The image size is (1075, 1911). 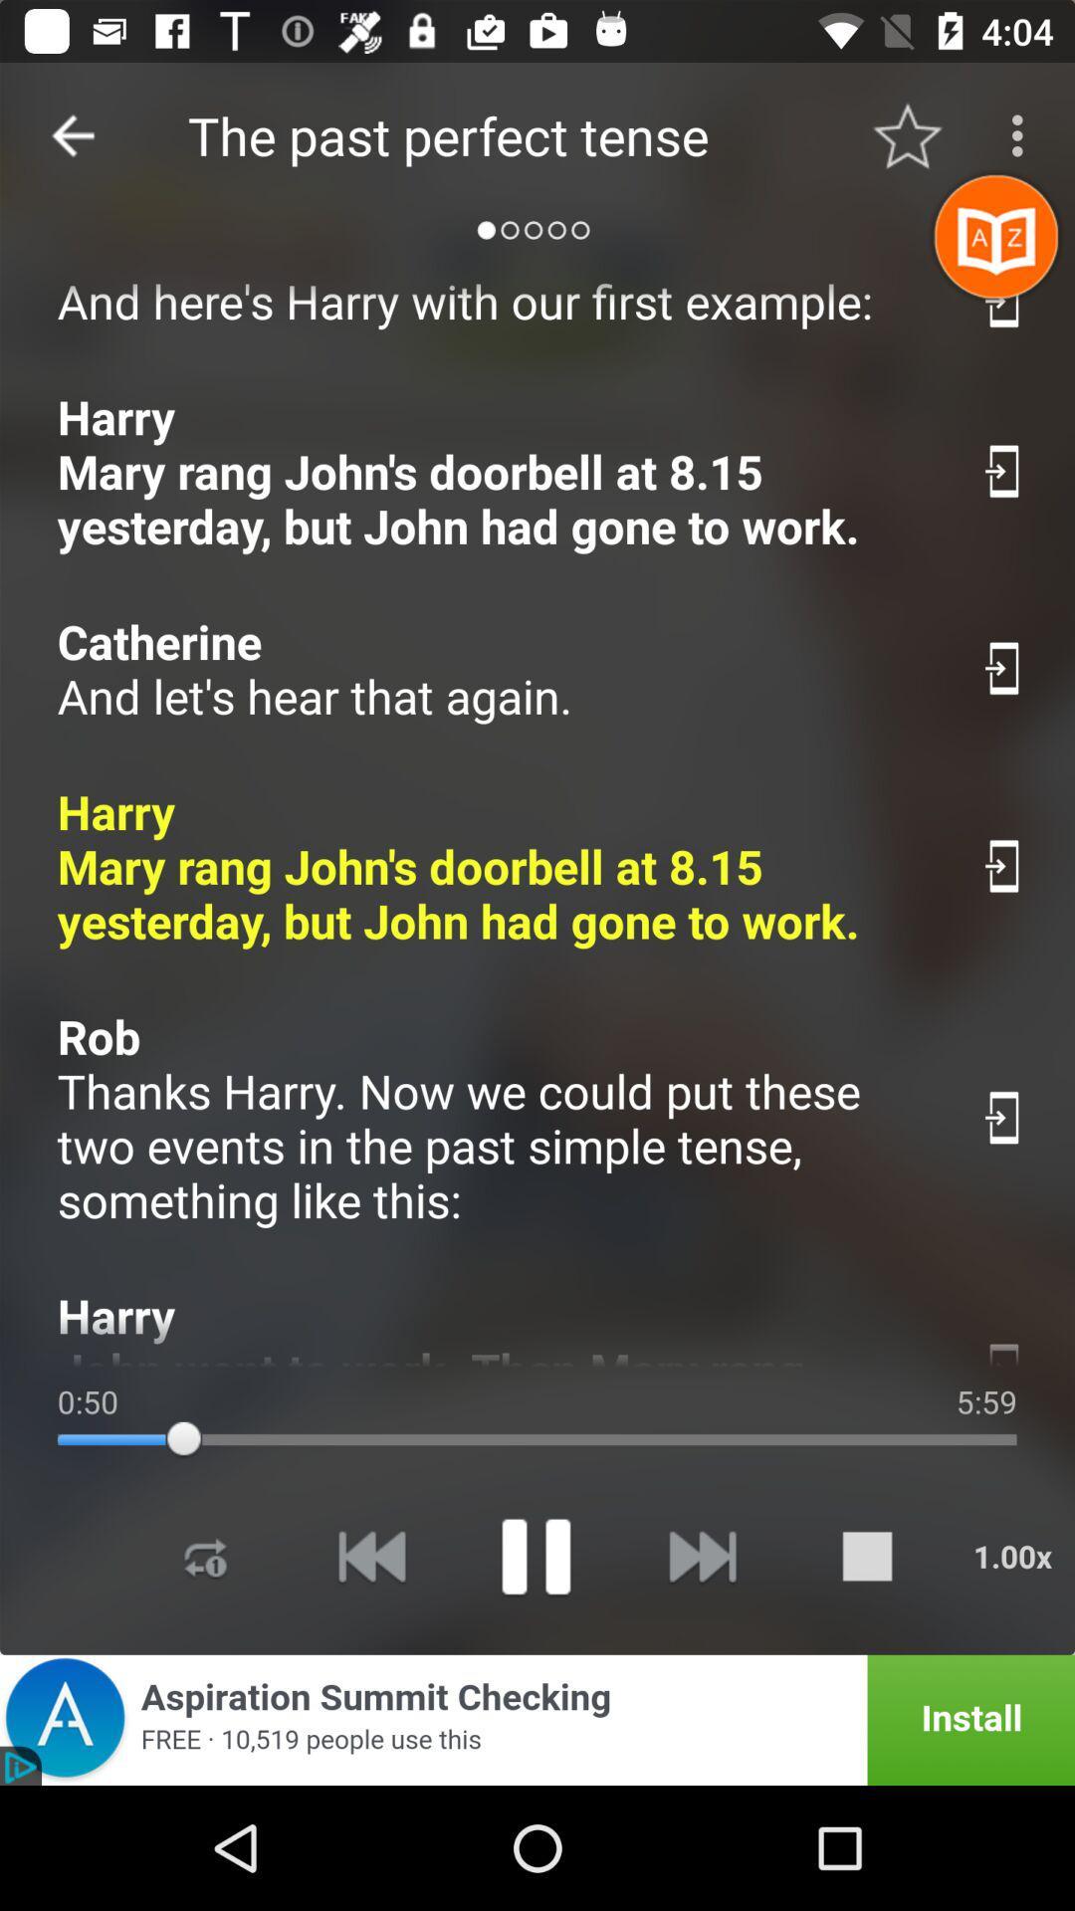 I want to click on icon next to the 1.00x, so click(x=866, y=1555).